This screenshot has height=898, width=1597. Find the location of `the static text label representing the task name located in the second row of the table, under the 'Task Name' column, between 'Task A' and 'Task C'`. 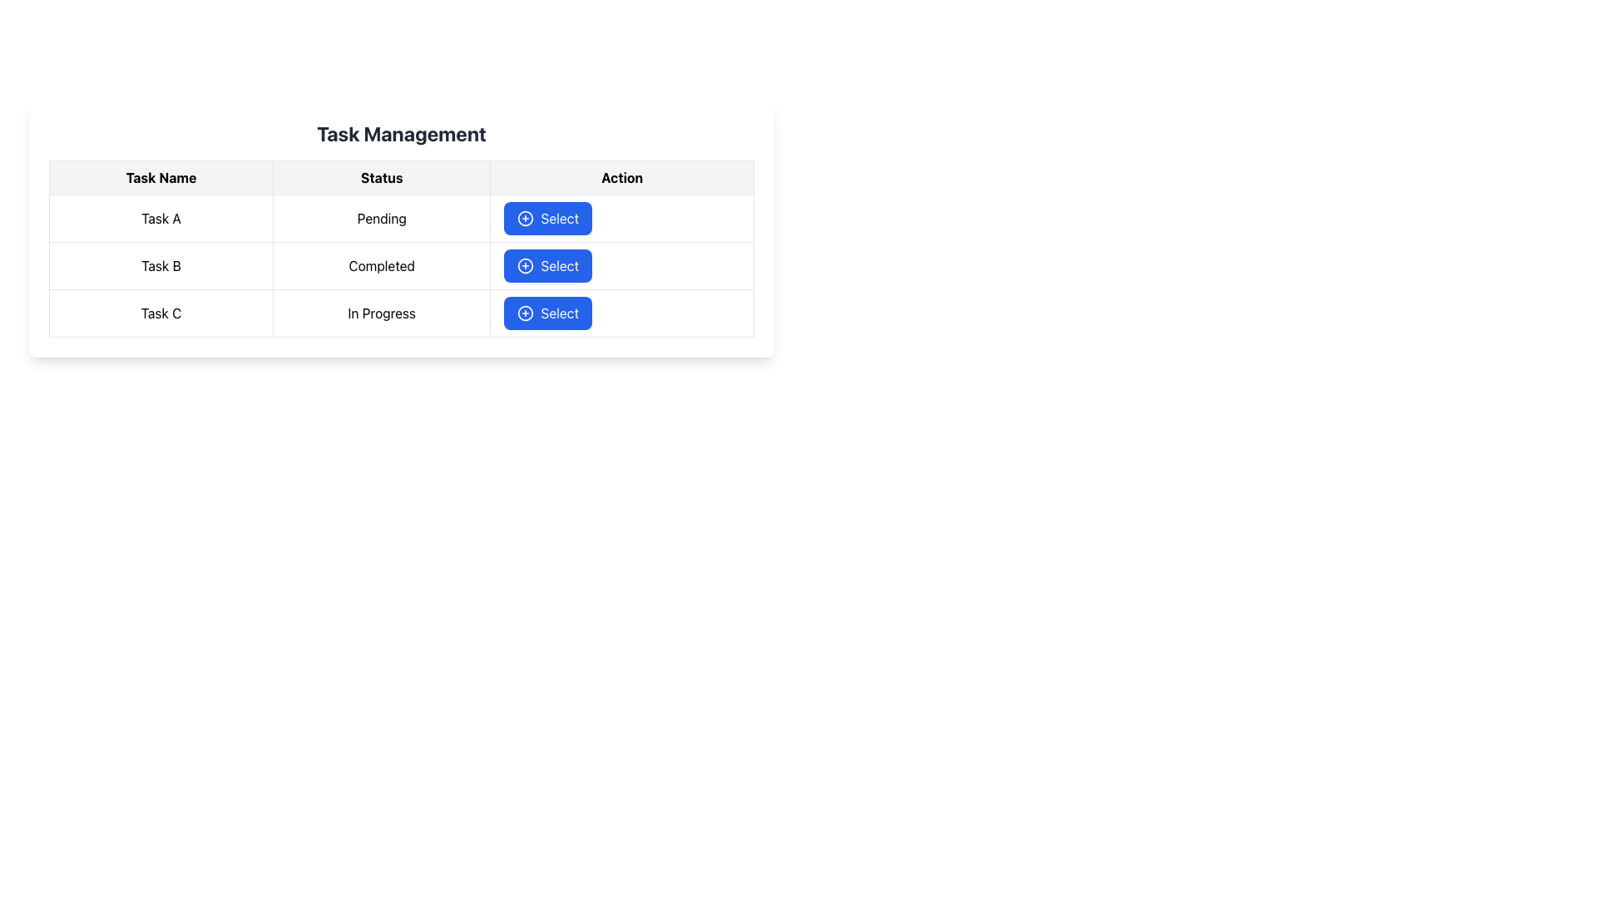

the static text label representing the task name located in the second row of the table, under the 'Task Name' column, between 'Task A' and 'Task C' is located at coordinates (161, 265).